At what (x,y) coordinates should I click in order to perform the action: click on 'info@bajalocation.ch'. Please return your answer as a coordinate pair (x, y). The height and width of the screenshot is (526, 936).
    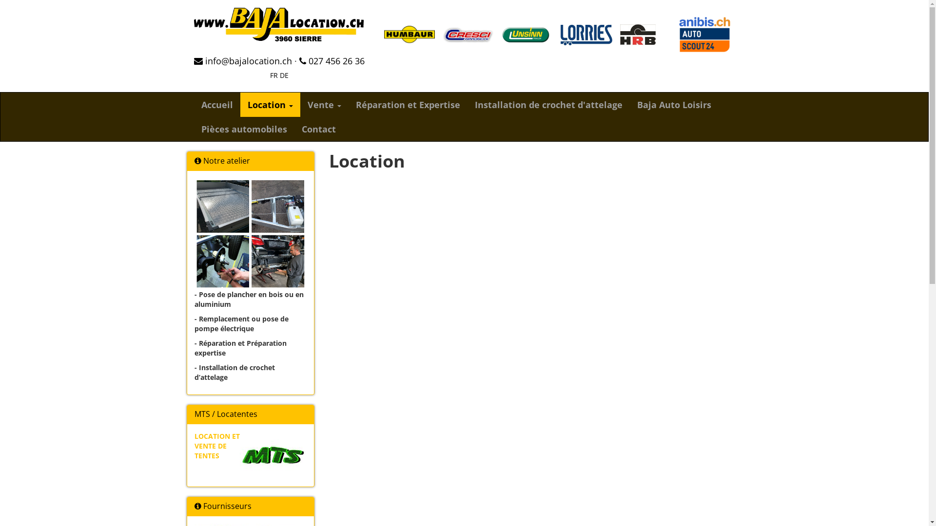
    Looking at the image, I should click on (243, 60).